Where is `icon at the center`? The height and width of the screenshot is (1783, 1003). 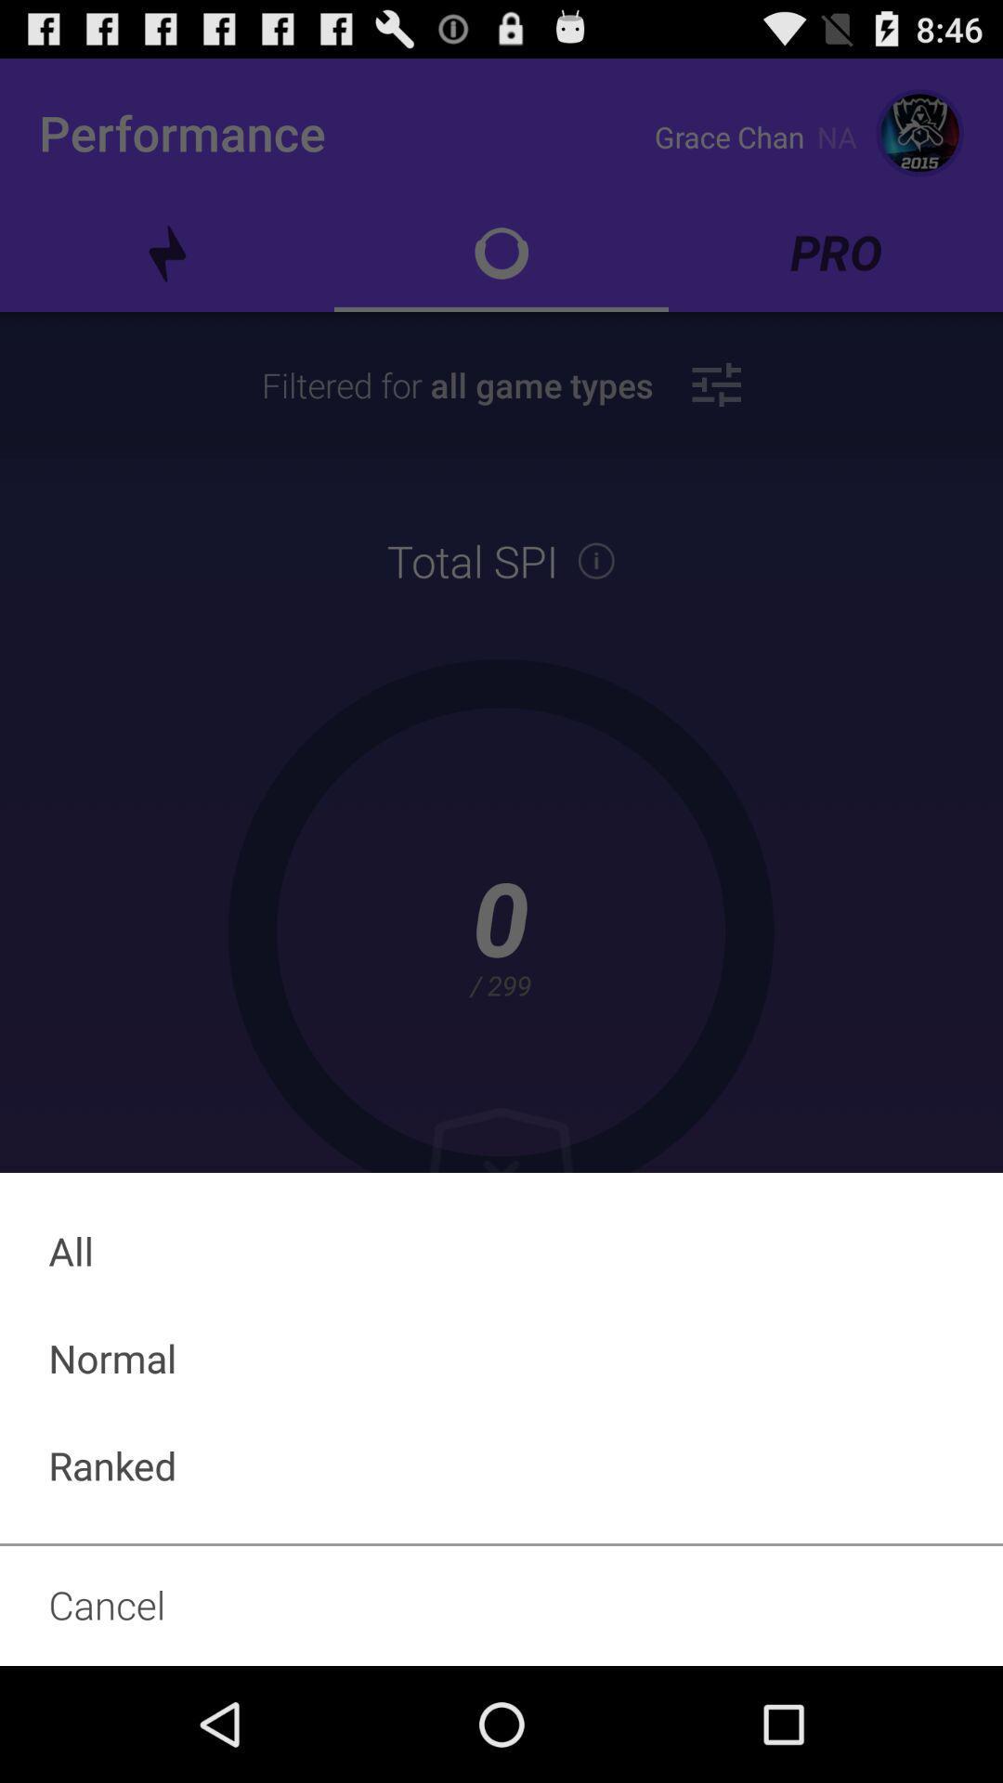 icon at the center is located at coordinates (501, 861).